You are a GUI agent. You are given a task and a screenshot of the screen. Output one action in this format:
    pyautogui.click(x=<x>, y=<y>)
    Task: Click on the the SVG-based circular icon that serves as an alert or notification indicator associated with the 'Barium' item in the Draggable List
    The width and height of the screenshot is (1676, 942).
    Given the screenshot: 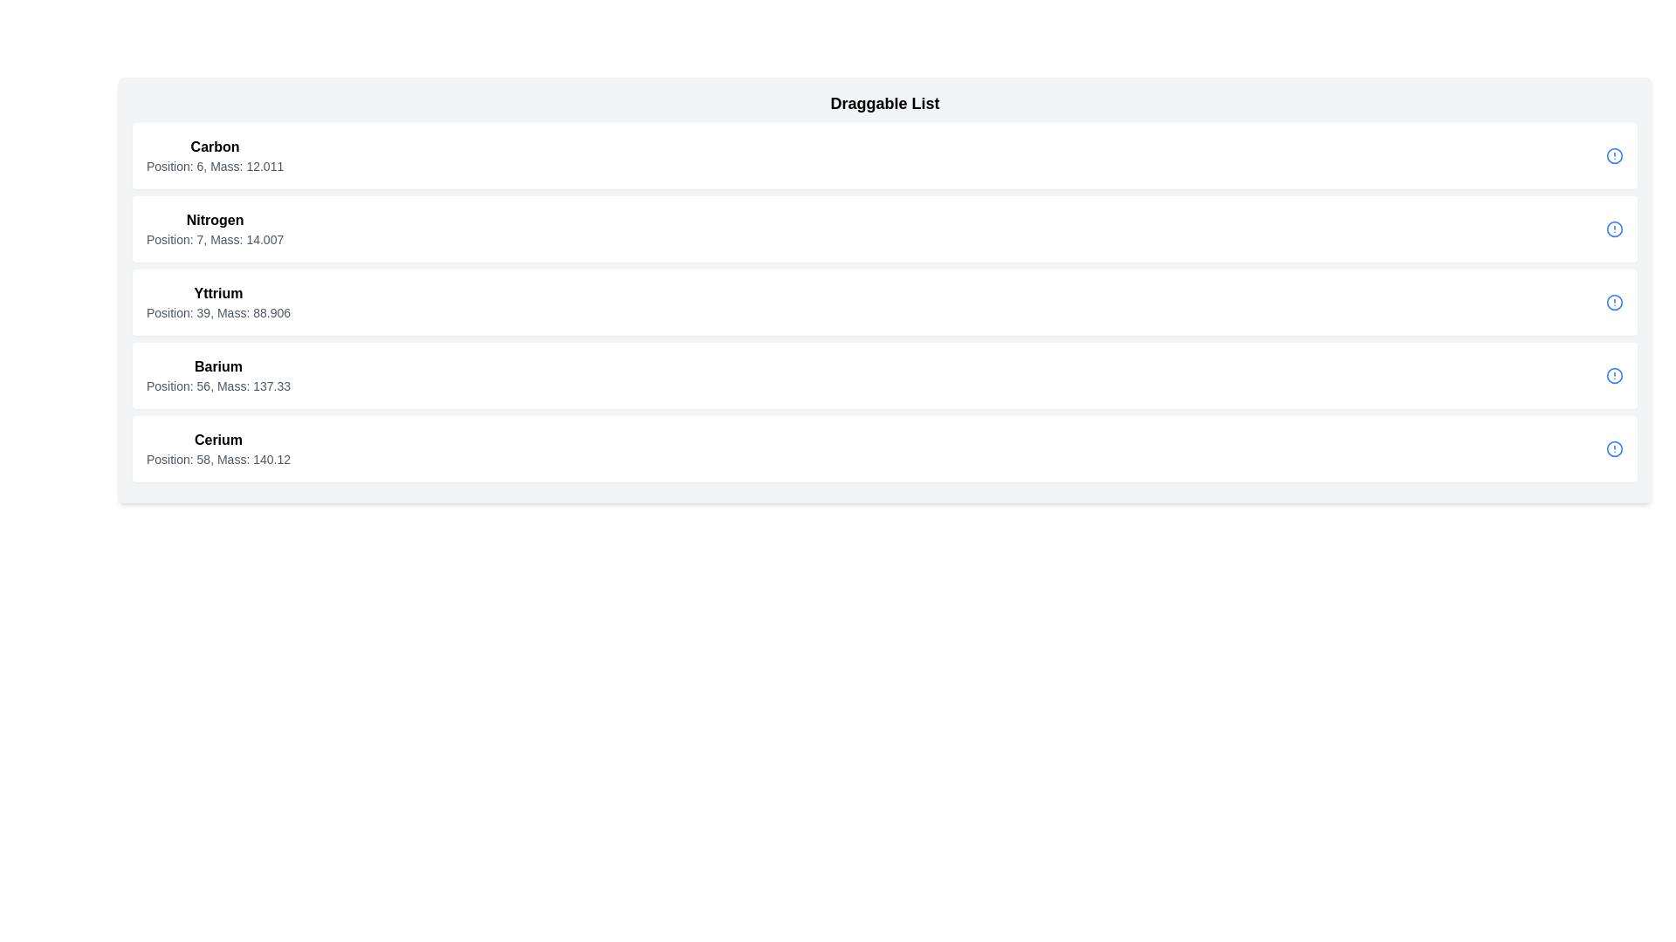 What is the action you would take?
    pyautogui.click(x=1613, y=375)
    